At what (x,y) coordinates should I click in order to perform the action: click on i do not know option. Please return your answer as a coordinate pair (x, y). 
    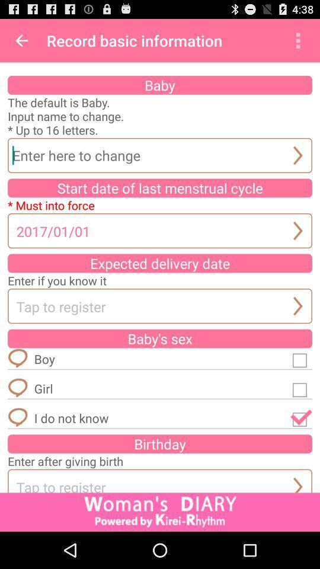
    Looking at the image, I should click on (301, 418).